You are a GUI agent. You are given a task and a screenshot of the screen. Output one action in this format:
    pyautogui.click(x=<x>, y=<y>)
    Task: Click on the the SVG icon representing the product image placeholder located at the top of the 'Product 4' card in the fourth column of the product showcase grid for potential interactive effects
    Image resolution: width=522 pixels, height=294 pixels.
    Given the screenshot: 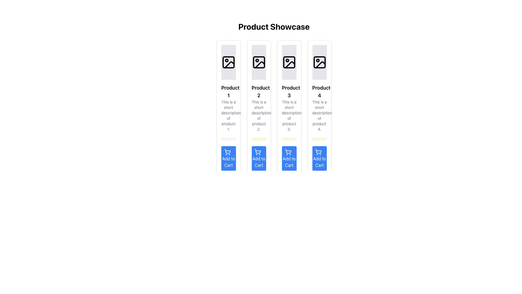 What is the action you would take?
    pyautogui.click(x=319, y=62)
    